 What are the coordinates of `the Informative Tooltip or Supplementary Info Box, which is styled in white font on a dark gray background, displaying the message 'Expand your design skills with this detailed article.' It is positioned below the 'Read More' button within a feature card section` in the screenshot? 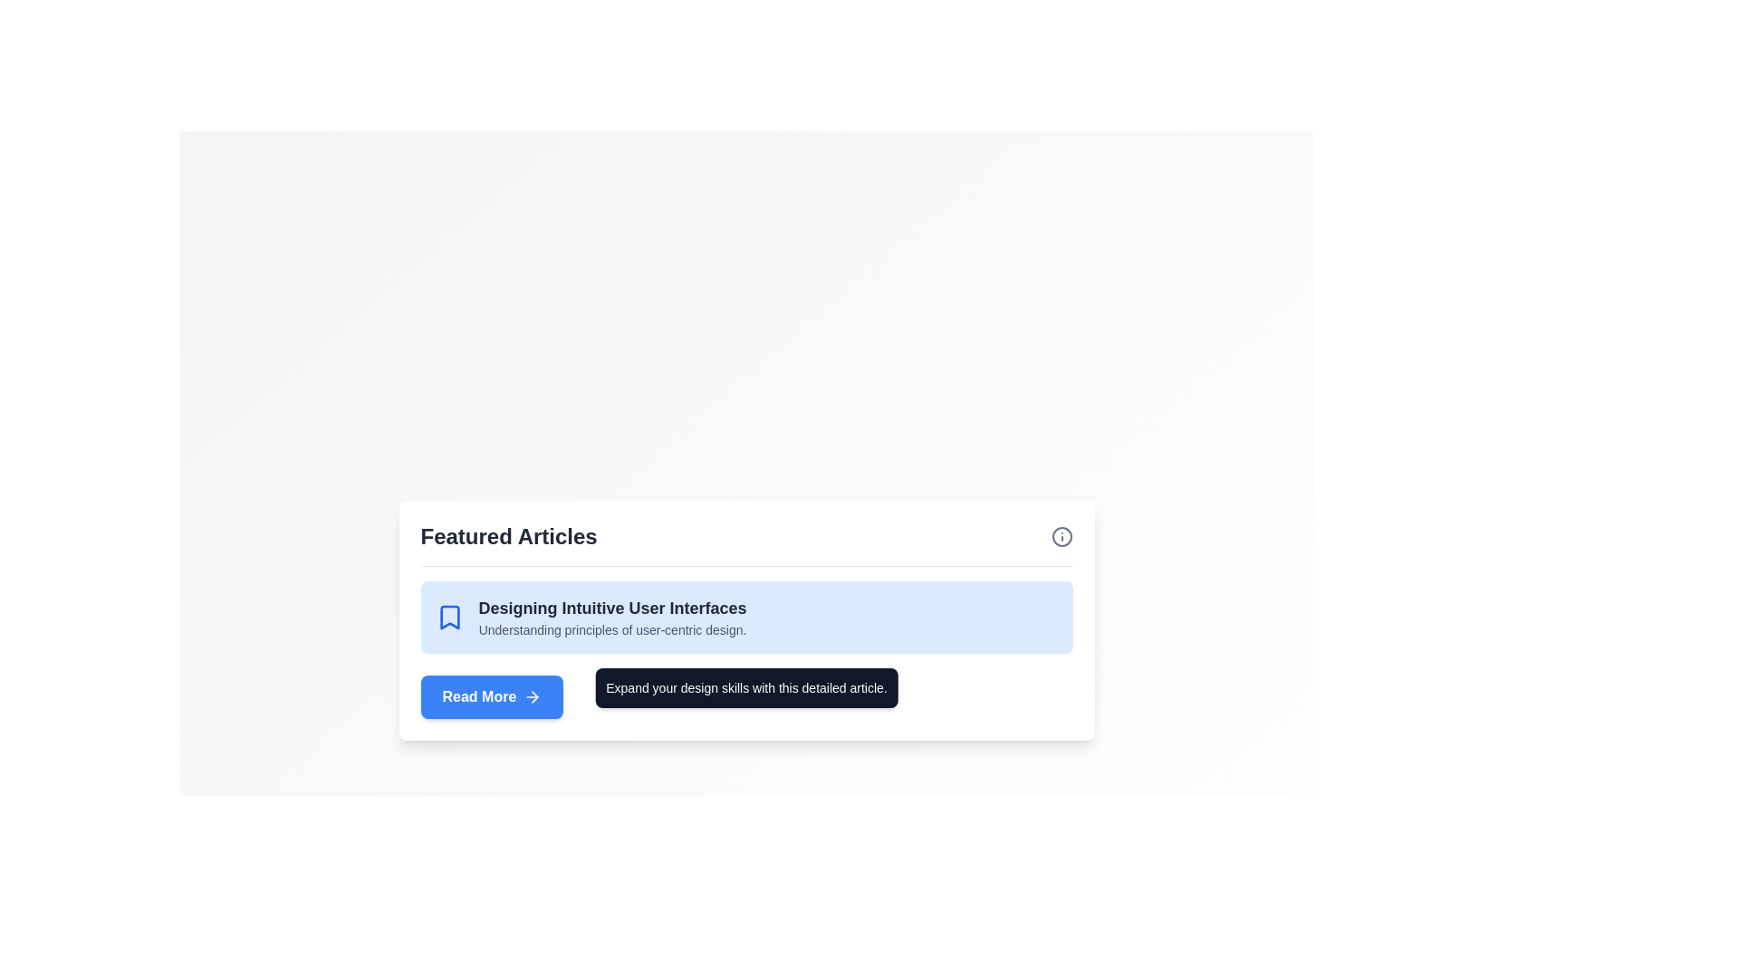 It's located at (746, 687).